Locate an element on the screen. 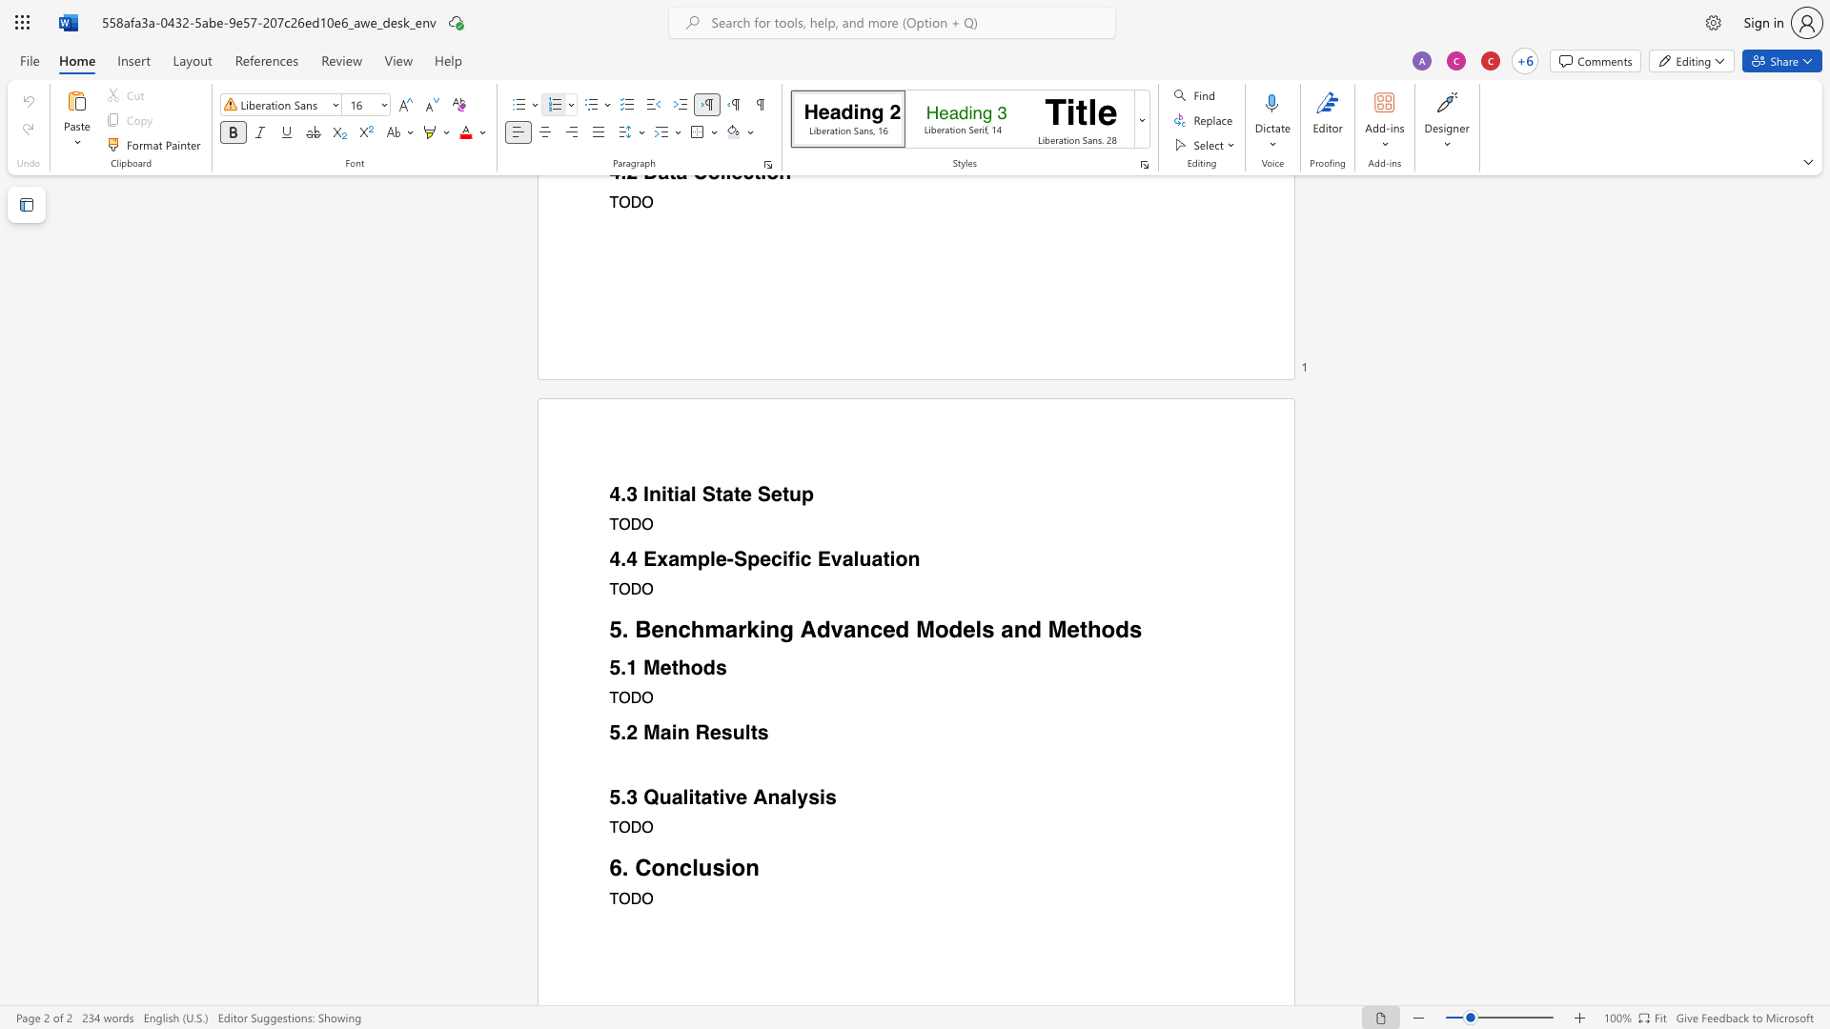 The height and width of the screenshot is (1029, 1830). the 1th character "l" in the text is located at coordinates (979, 629).